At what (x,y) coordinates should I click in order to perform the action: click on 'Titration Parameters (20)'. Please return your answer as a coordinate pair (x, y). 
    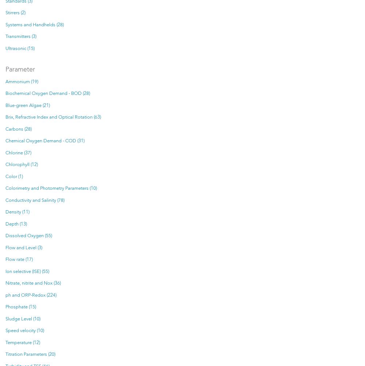
    Looking at the image, I should click on (30, 354).